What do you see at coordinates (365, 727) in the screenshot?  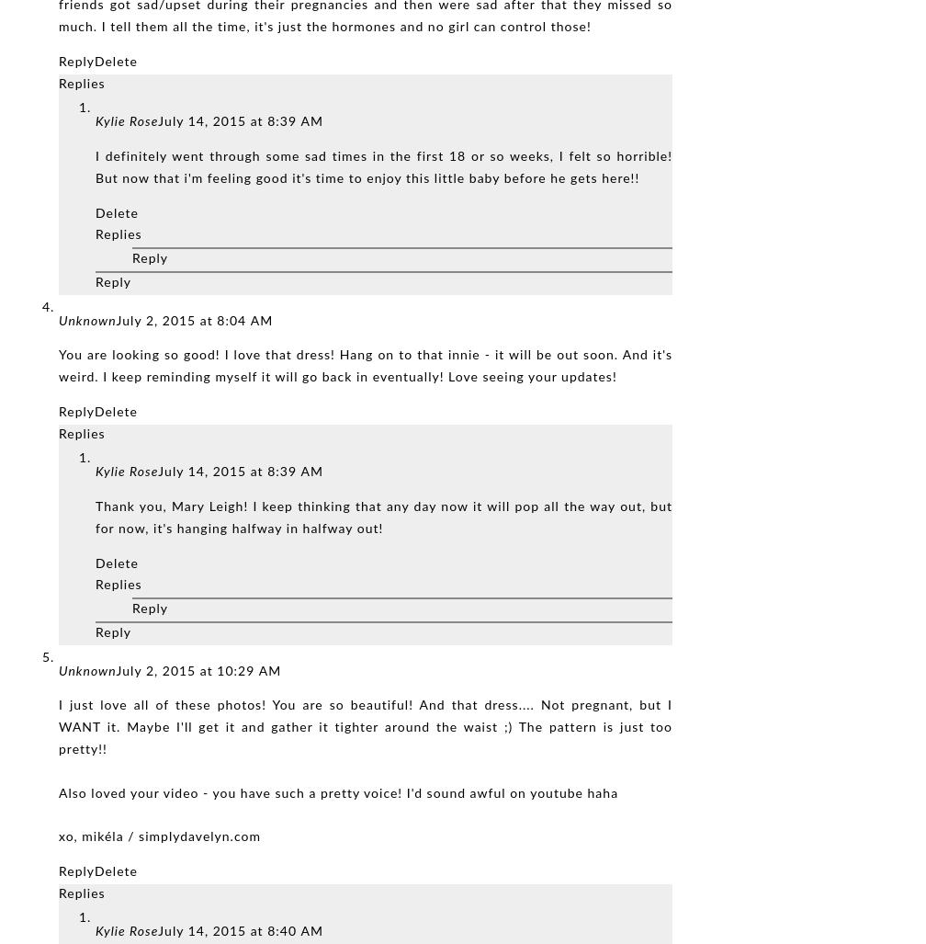 I see `'I just love all of these photos! You are so beautiful! And that dress.... Not pregnant, but I WANT it. Maybe I'll get it and gather it tighter around the waist ;) The pattern is just too pretty!!'` at bounding box center [365, 727].